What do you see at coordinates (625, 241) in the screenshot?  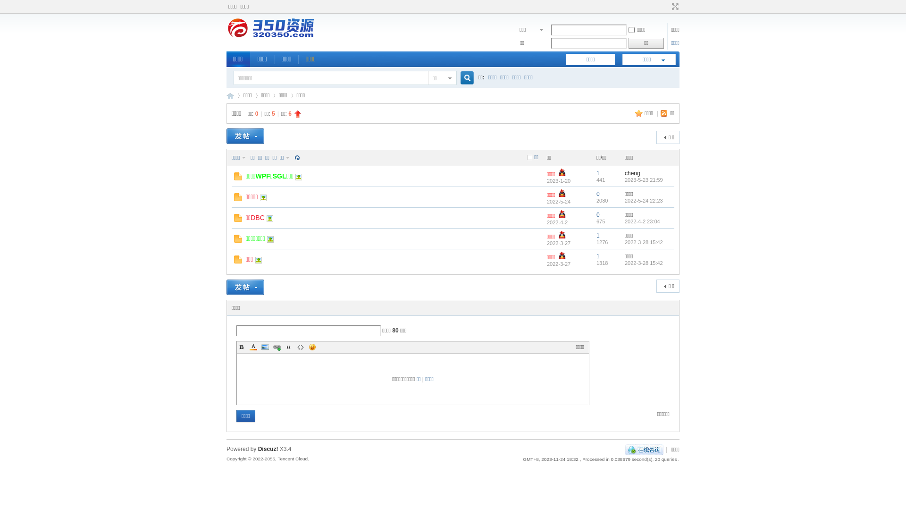 I see `'2022-3-28 15:42'` at bounding box center [625, 241].